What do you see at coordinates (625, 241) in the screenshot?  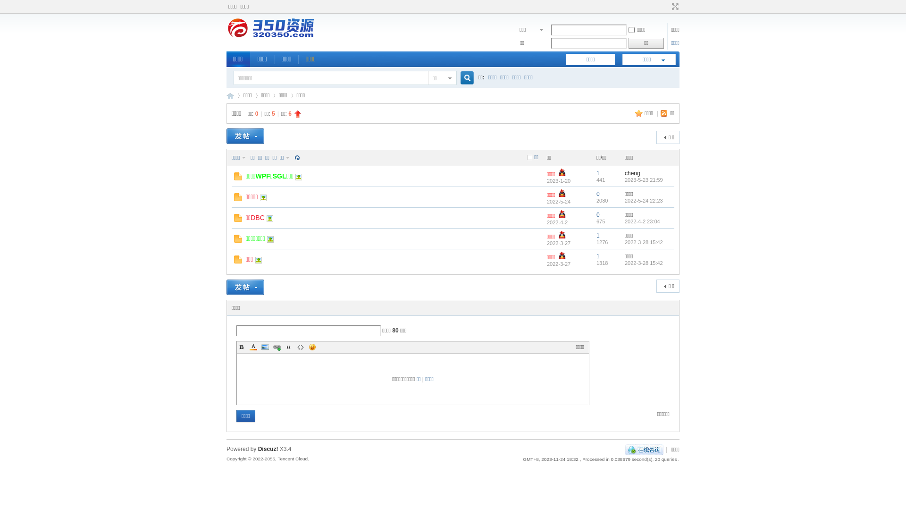 I see `'2022-3-28 15:42'` at bounding box center [625, 241].